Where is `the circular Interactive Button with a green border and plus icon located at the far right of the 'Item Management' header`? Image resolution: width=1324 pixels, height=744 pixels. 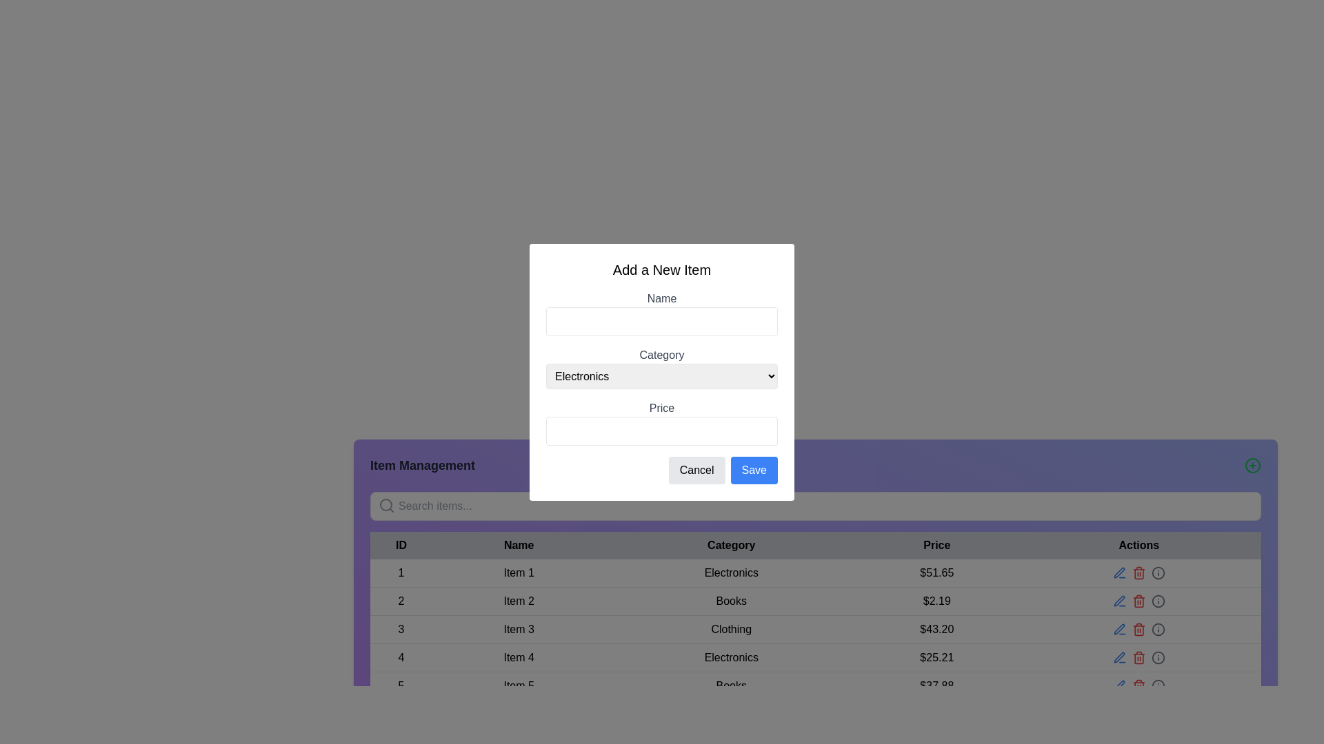 the circular Interactive Button with a green border and plus icon located at the far right of the 'Item Management' header is located at coordinates (1253, 465).